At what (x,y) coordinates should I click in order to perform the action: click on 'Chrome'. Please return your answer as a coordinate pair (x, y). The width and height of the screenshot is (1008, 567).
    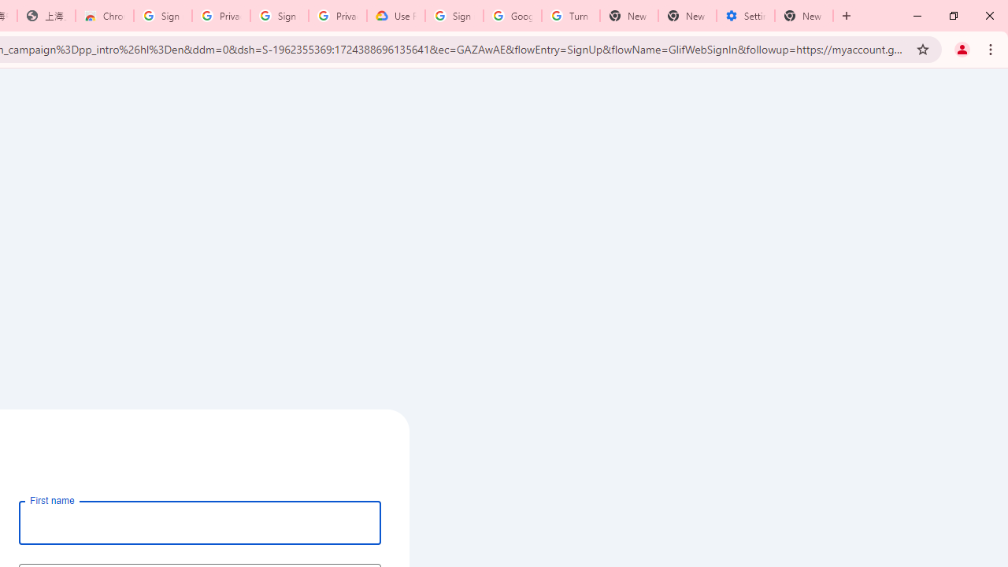
    Looking at the image, I should click on (991, 48).